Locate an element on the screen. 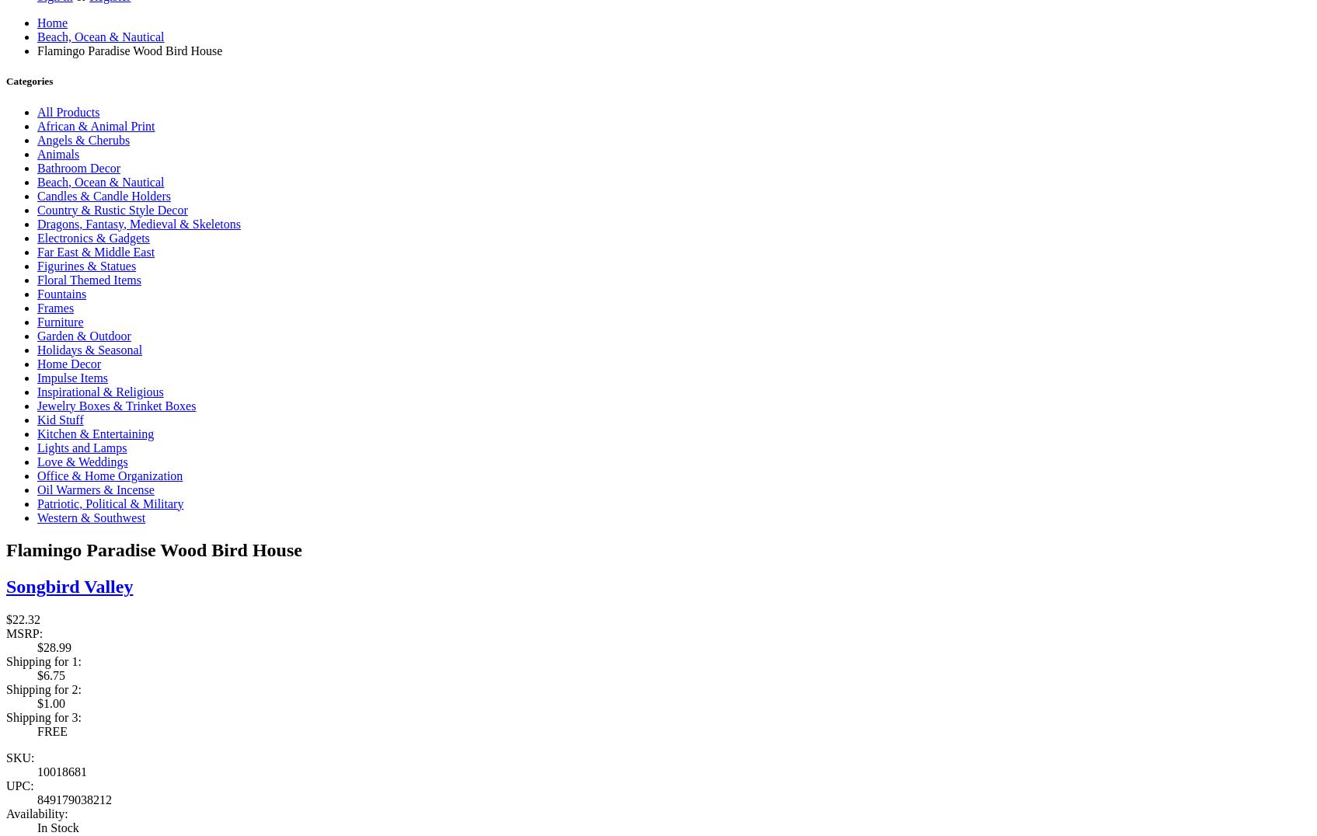  'Country & Rustic Style Decor' is located at coordinates (112, 209).